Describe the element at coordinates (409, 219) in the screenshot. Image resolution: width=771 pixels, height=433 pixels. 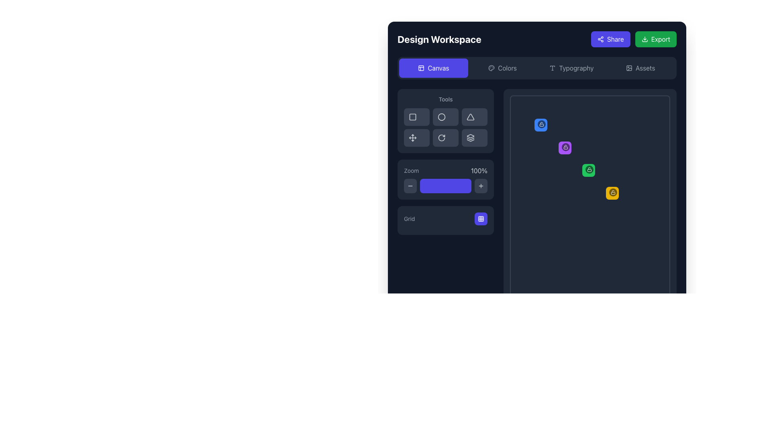
I see `the label indicating the function or state associated with the grid layout selection, located to the left of the selectable grid view button in the zoom control section` at that location.